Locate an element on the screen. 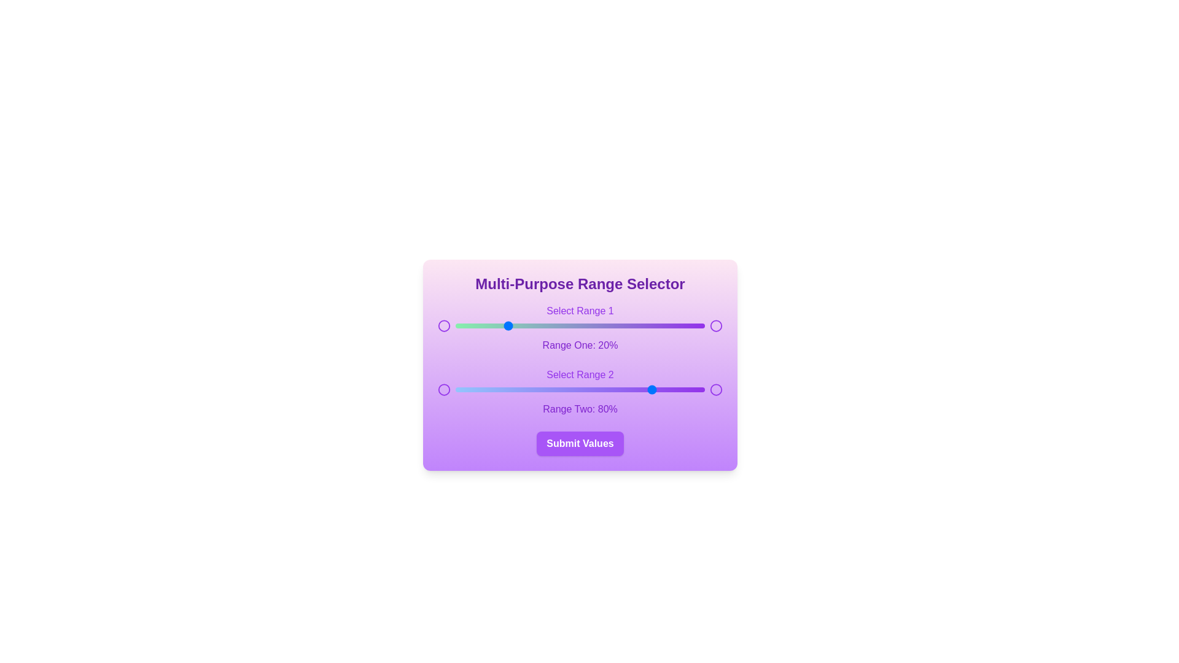 The width and height of the screenshot is (1179, 663). the second range slider to 19% is located at coordinates (503, 390).